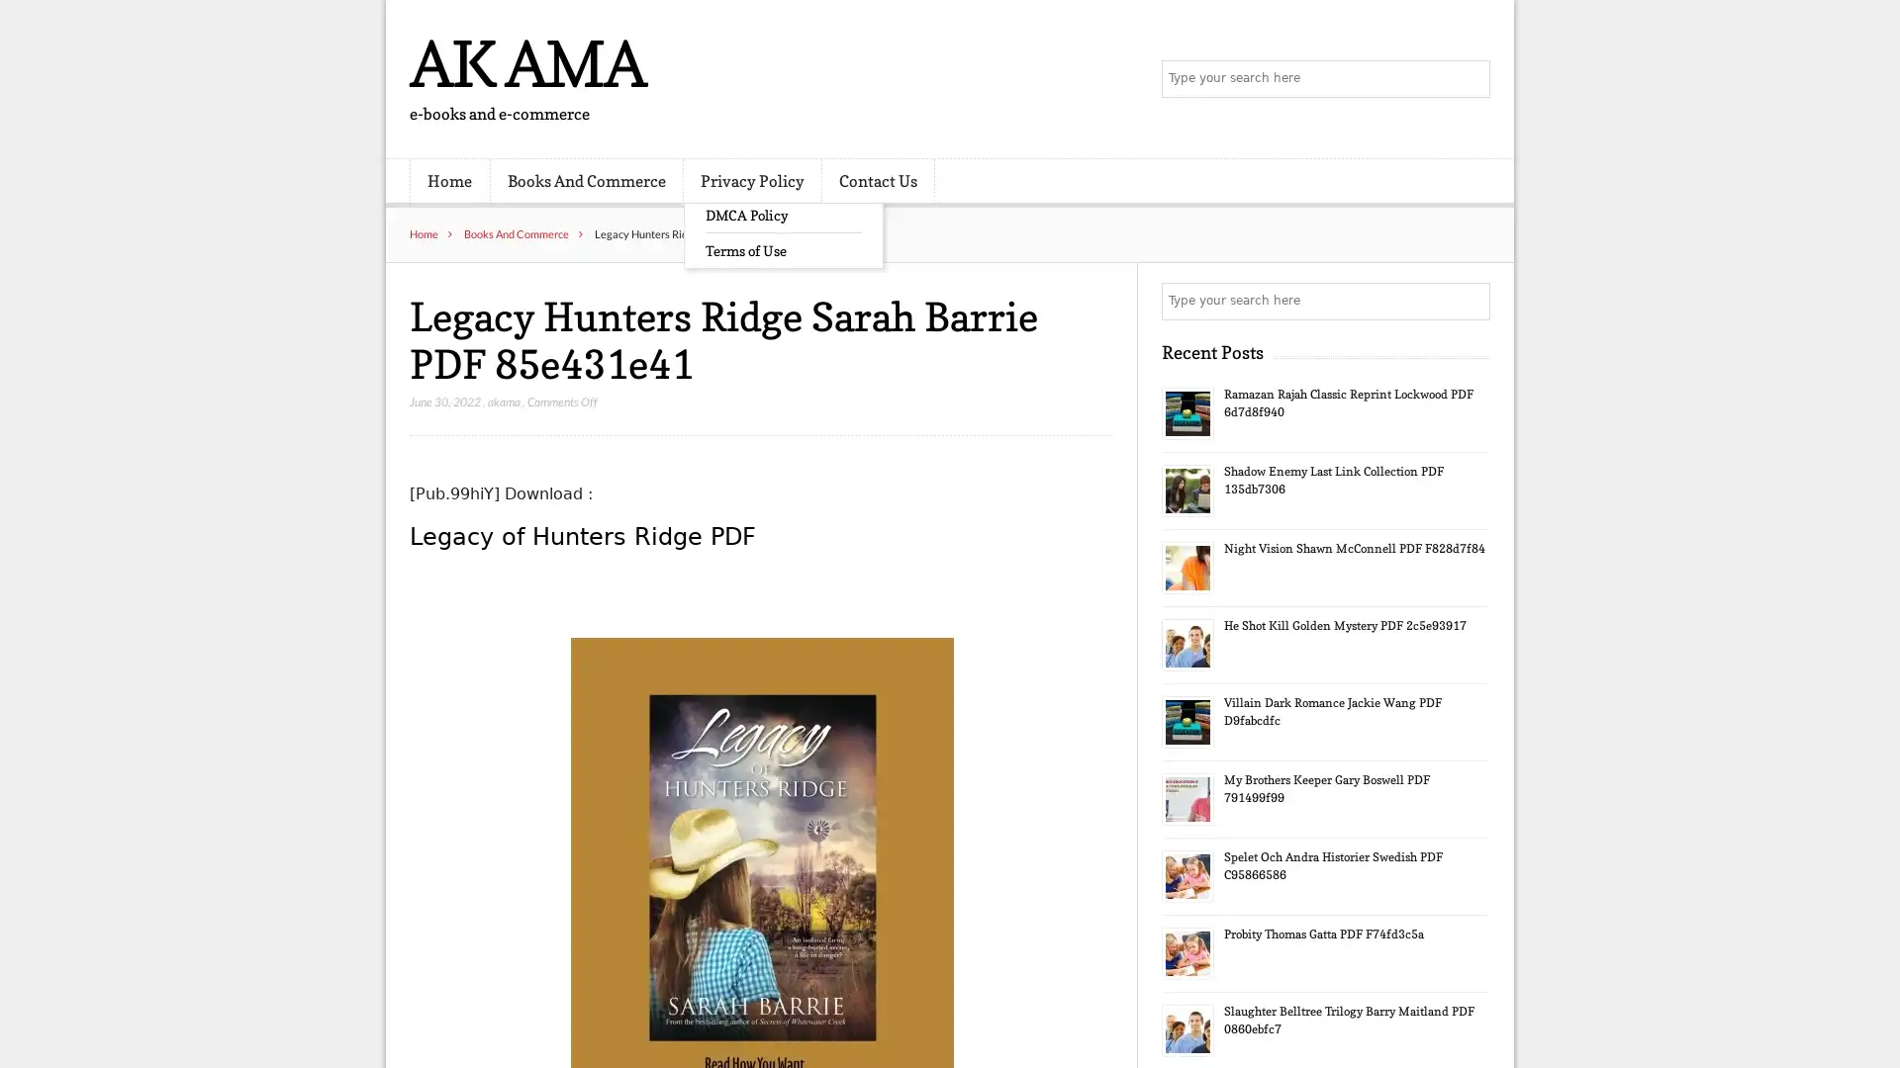  Describe the element at coordinates (1470, 301) in the screenshot. I see `Search` at that location.